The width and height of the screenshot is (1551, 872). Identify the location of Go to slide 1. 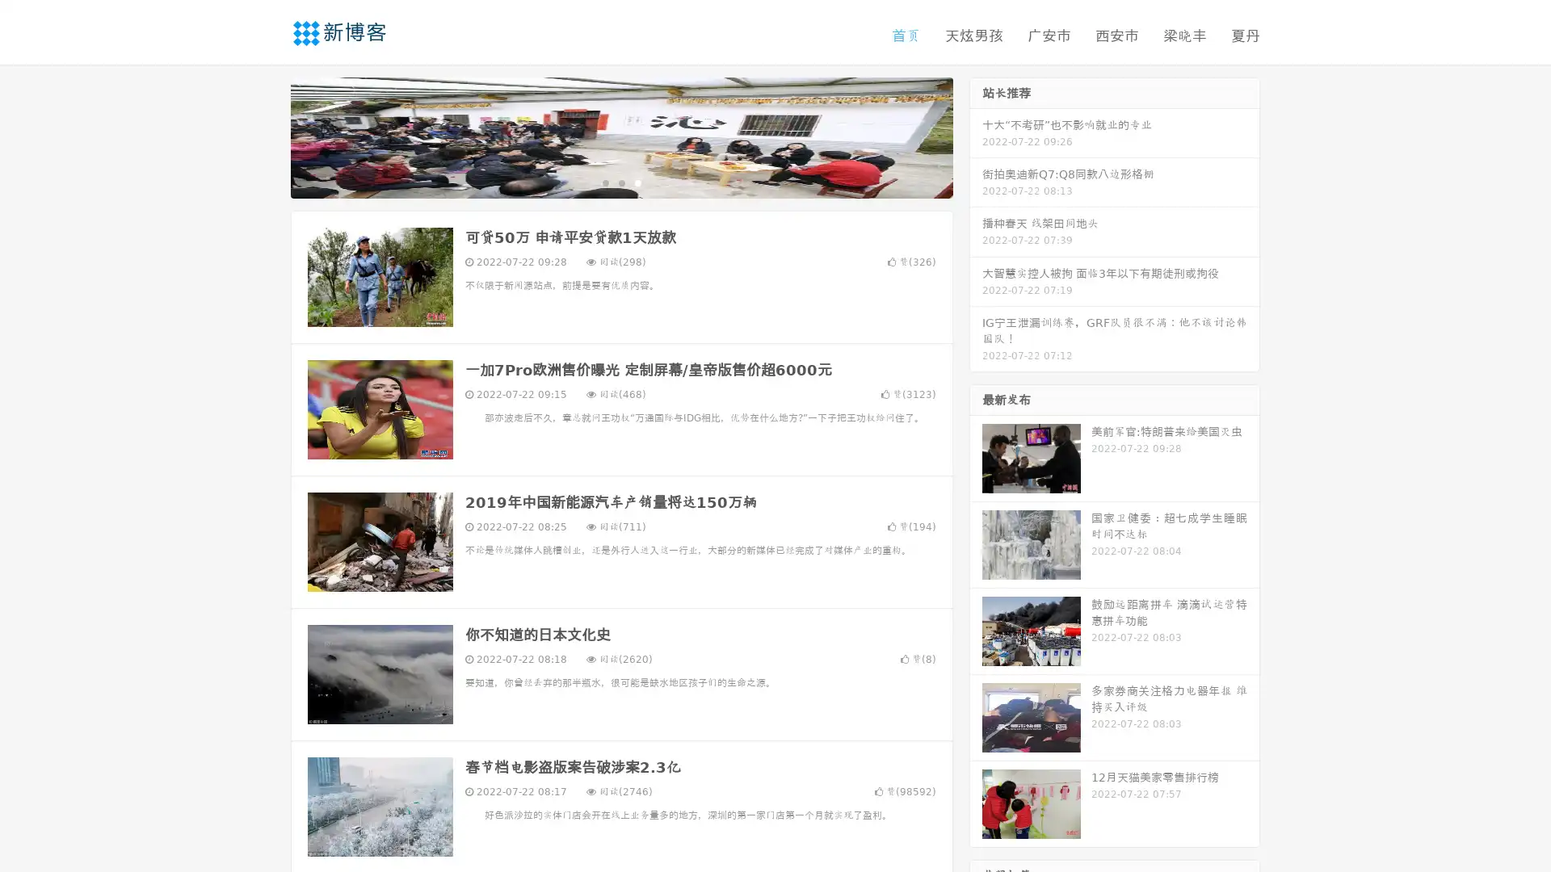
(604, 182).